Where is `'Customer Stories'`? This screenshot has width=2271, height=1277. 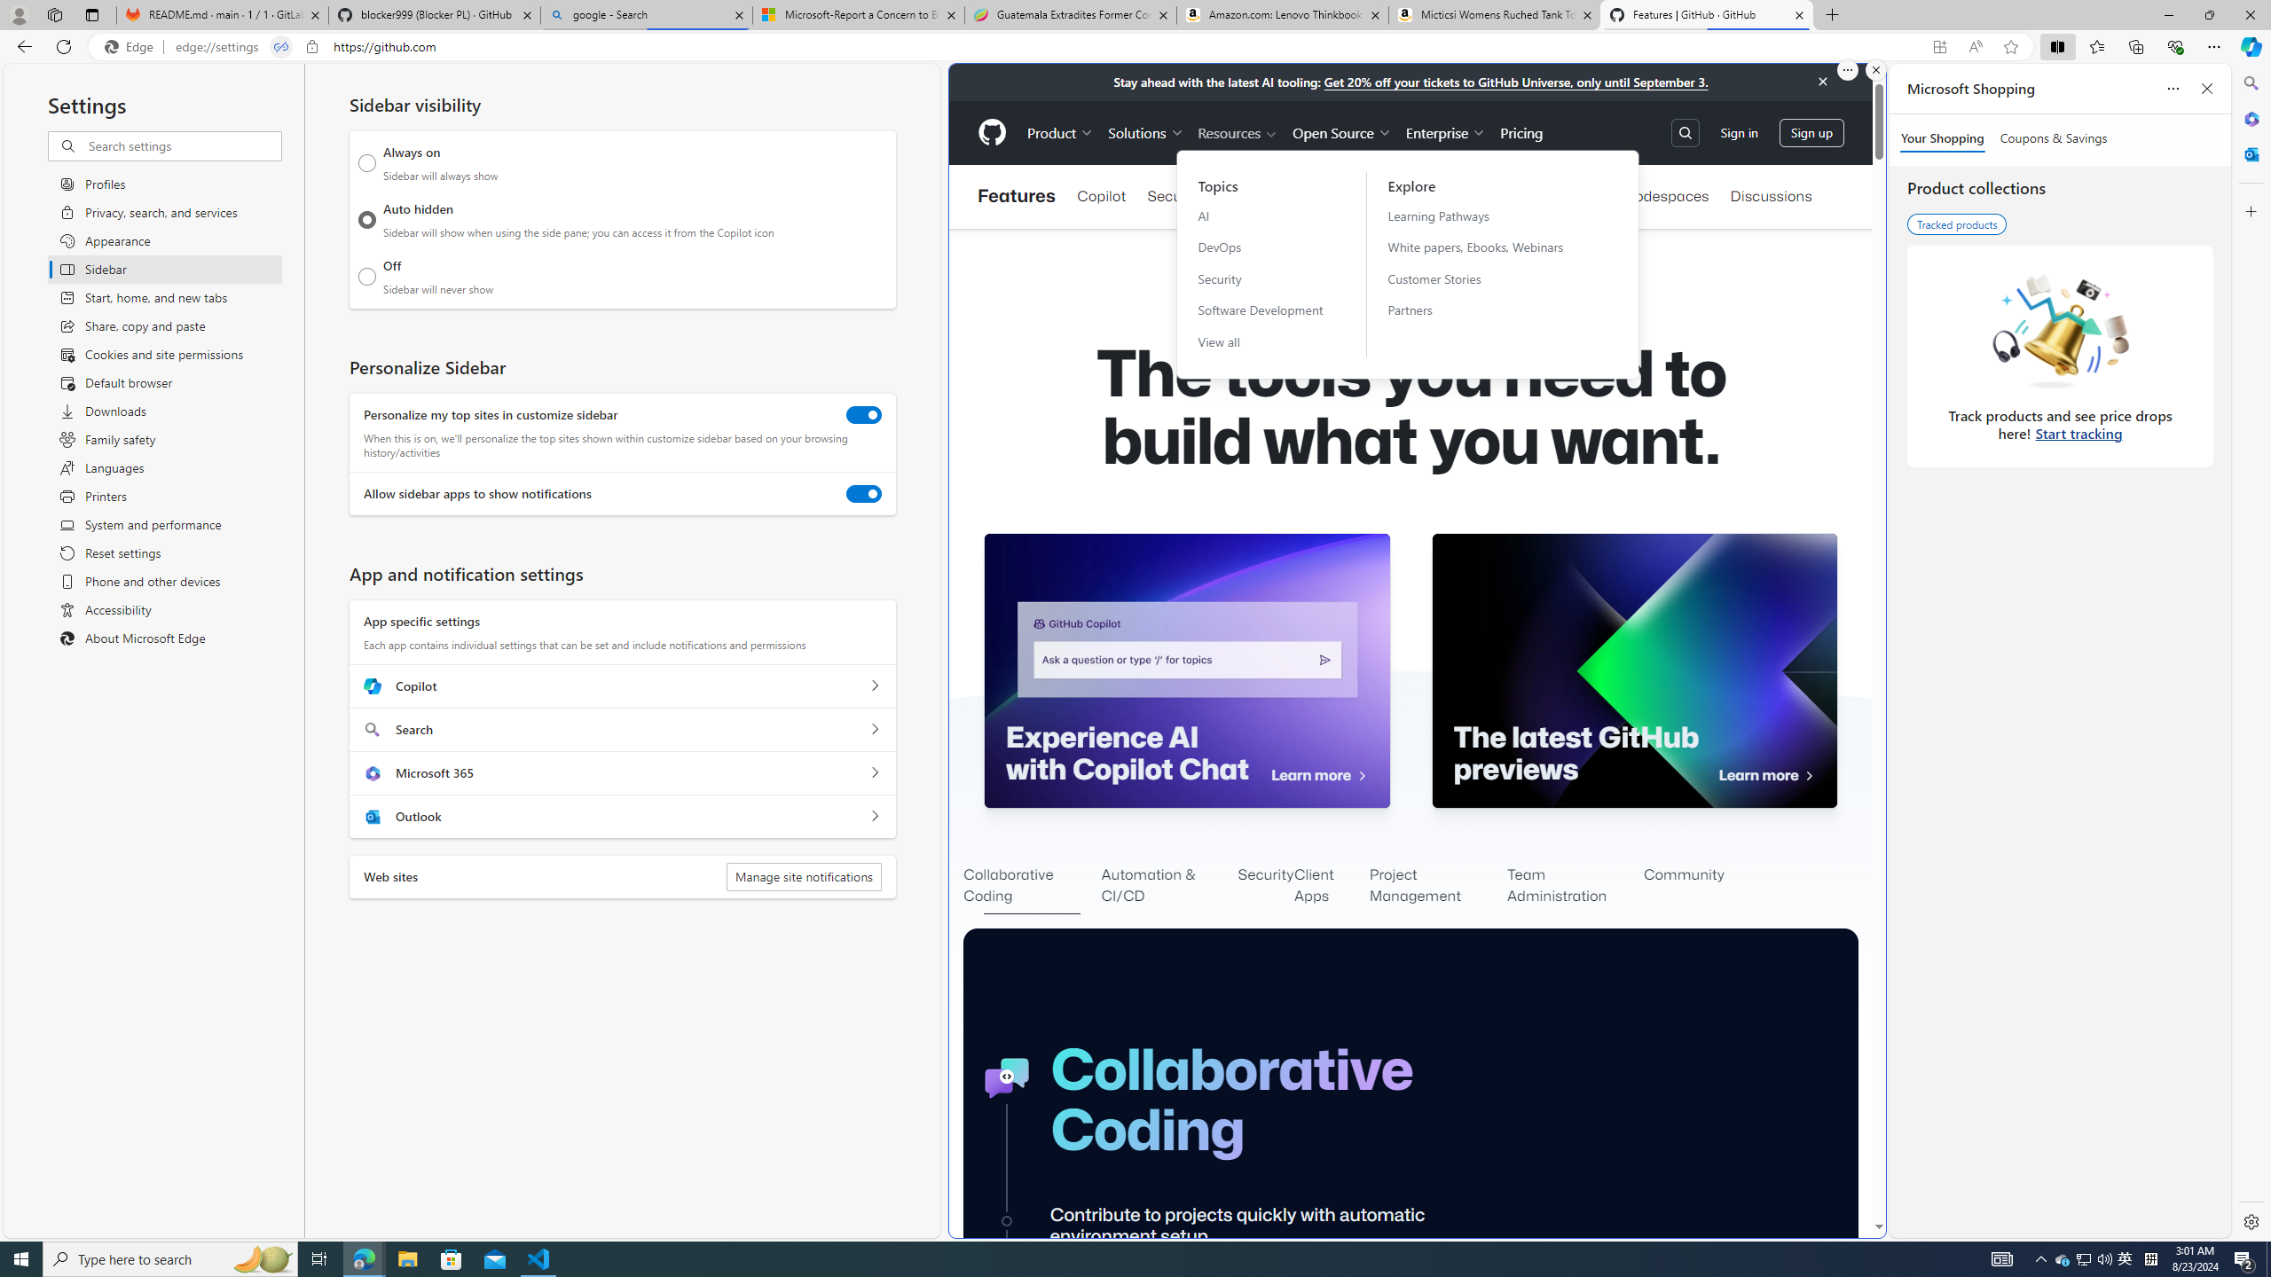
'Customer Stories' is located at coordinates (1486, 278).